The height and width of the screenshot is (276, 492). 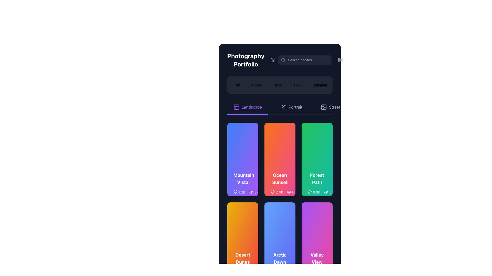 What do you see at coordinates (283, 60) in the screenshot?
I see `the magnifying glass icon located at the top-right corner of the page, adjacent to the search bar, to initiate a search action or focus on the search bar` at bounding box center [283, 60].